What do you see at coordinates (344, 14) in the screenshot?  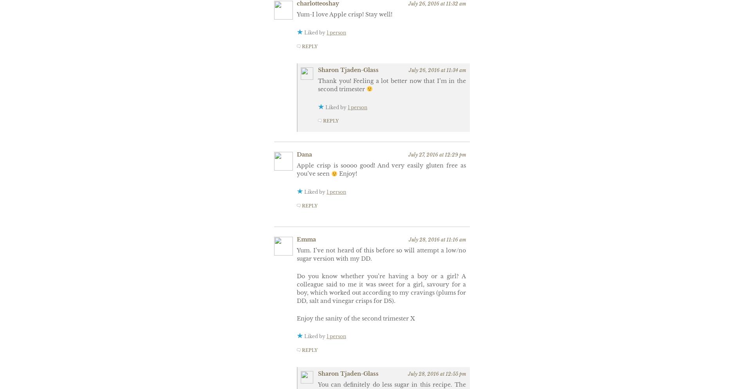 I see `'Yum-I love Apple crisp! Stay well!'` at bounding box center [344, 14].